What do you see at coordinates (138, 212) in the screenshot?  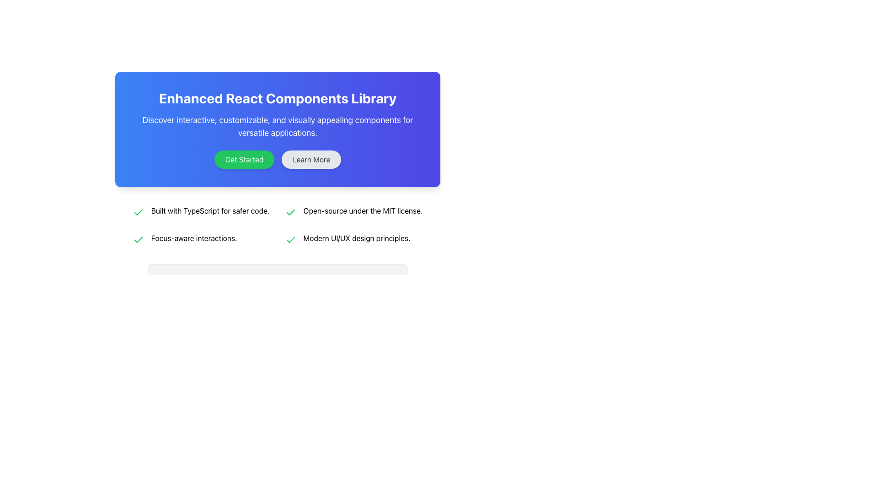 I see `the green checkmark icon located to the left of the text 'Focus-aware interactions', which is the second in a vertical list of similar icons` at bounding box center [138, 212].